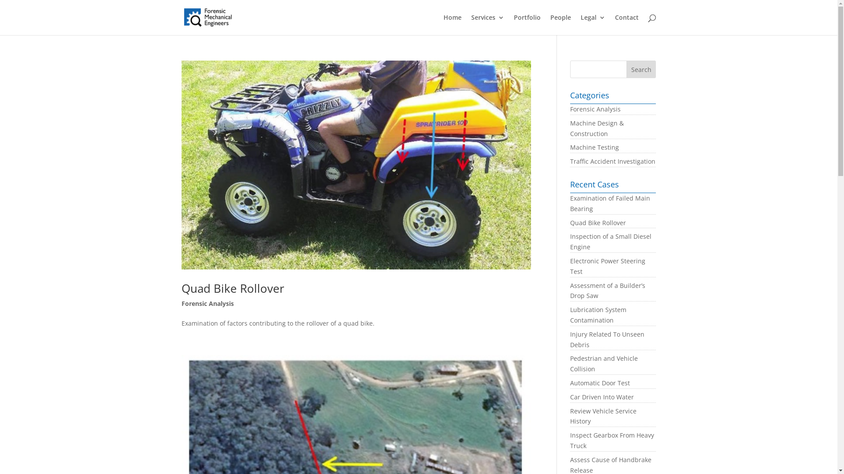  Describe the element at coordinates (603, 416) in the screenshot. I see `'Review Vehicle Service History'` at that location.